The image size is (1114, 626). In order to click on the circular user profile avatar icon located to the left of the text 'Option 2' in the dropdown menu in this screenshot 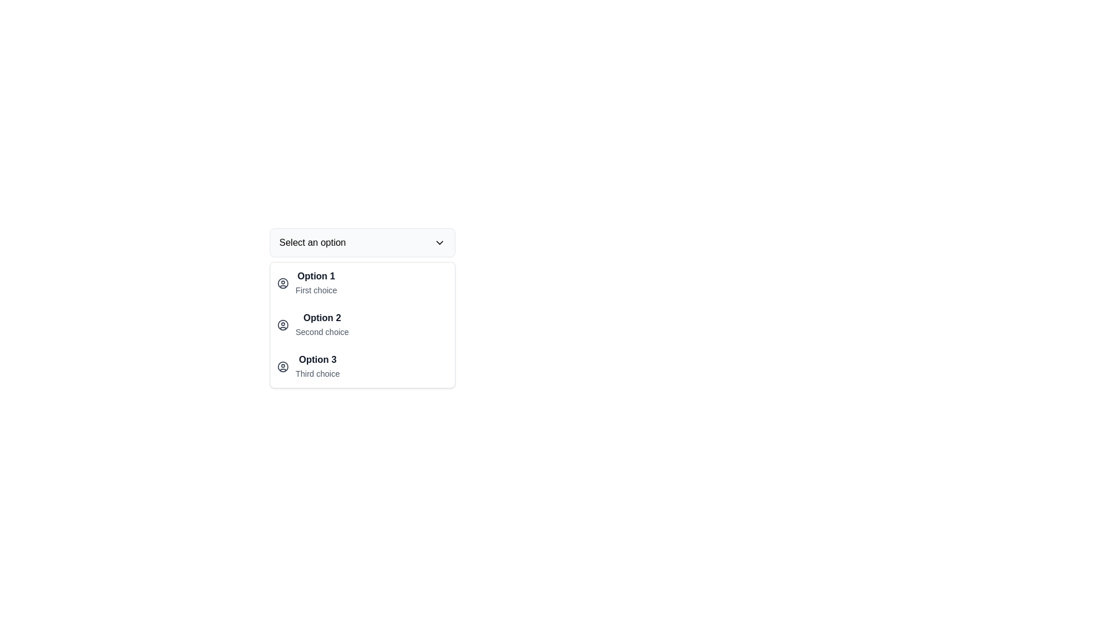, I will do `click(283, 325)`.